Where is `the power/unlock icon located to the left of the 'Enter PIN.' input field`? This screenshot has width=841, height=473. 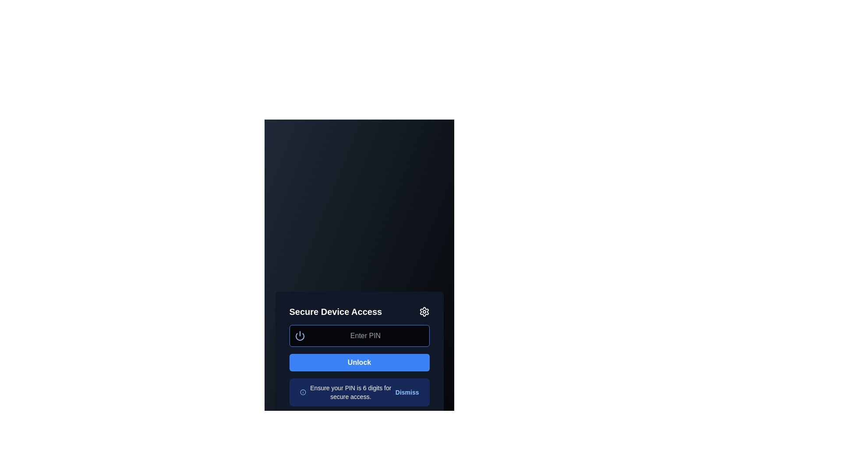
the power/unlock icon located to the left of the 'Enter PIN.' input field is located at coordinates (300, 335).